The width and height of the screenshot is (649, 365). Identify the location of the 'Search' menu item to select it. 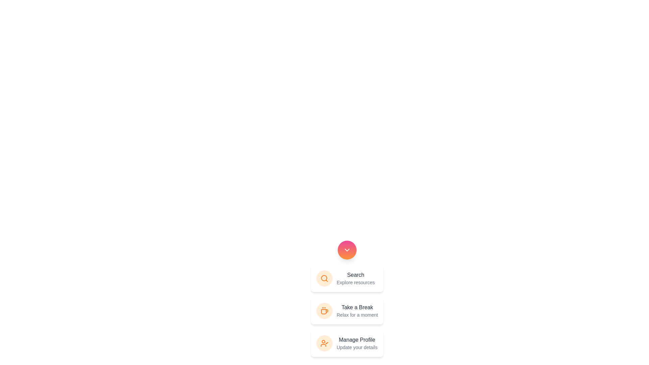
(355, 275).